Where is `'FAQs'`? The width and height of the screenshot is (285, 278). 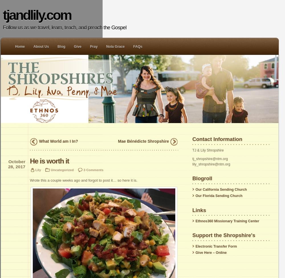 'FAQs' is located at coordinates (133, 47).